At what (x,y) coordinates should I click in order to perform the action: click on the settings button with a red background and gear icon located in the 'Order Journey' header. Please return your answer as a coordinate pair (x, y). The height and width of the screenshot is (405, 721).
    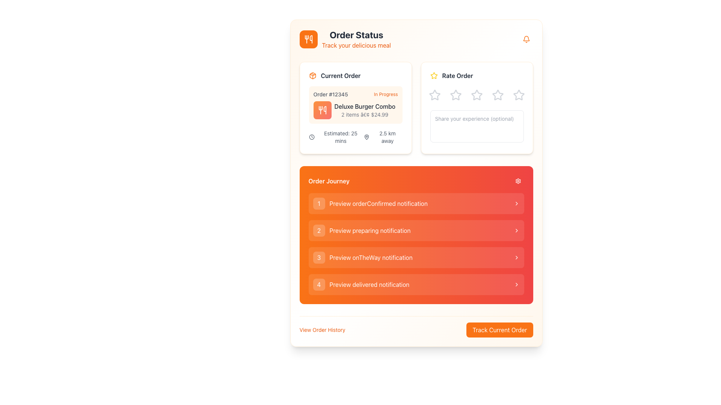
    Looking at the image, I should click on (517, 181).